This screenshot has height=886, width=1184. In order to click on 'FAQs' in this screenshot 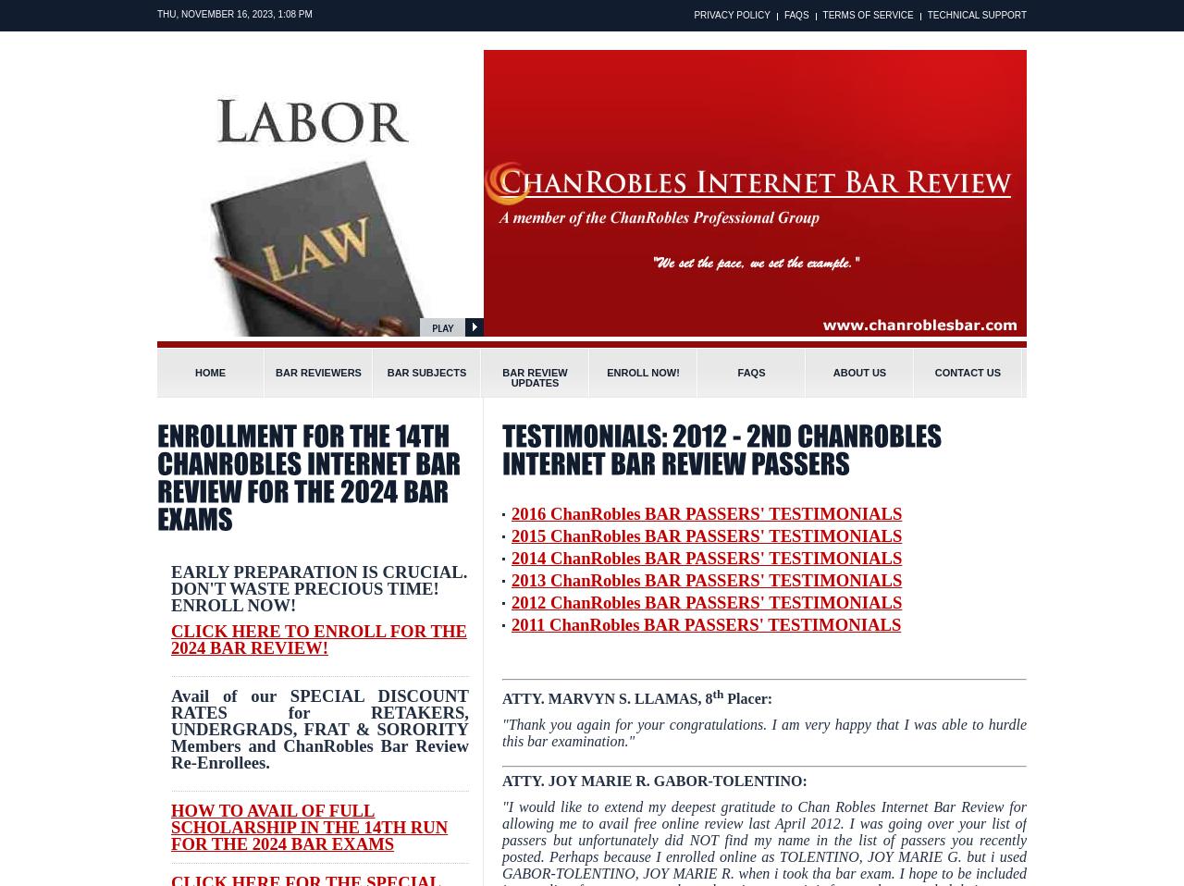, I will do `click(751, 373)`.